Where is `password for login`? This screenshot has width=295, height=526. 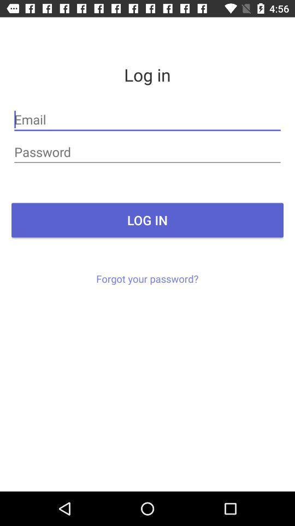
password for login is located at coordinates (147, 151).